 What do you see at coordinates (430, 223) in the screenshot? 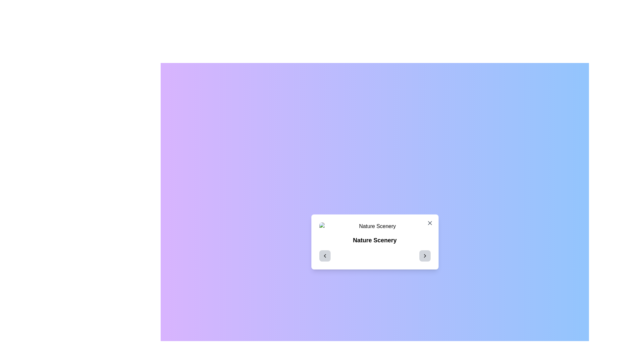
I see `the close button represented by an 'X' icon located in the upper right corner of the card containing the title 'Nature Scenery'` at bounding box center [430, 223].